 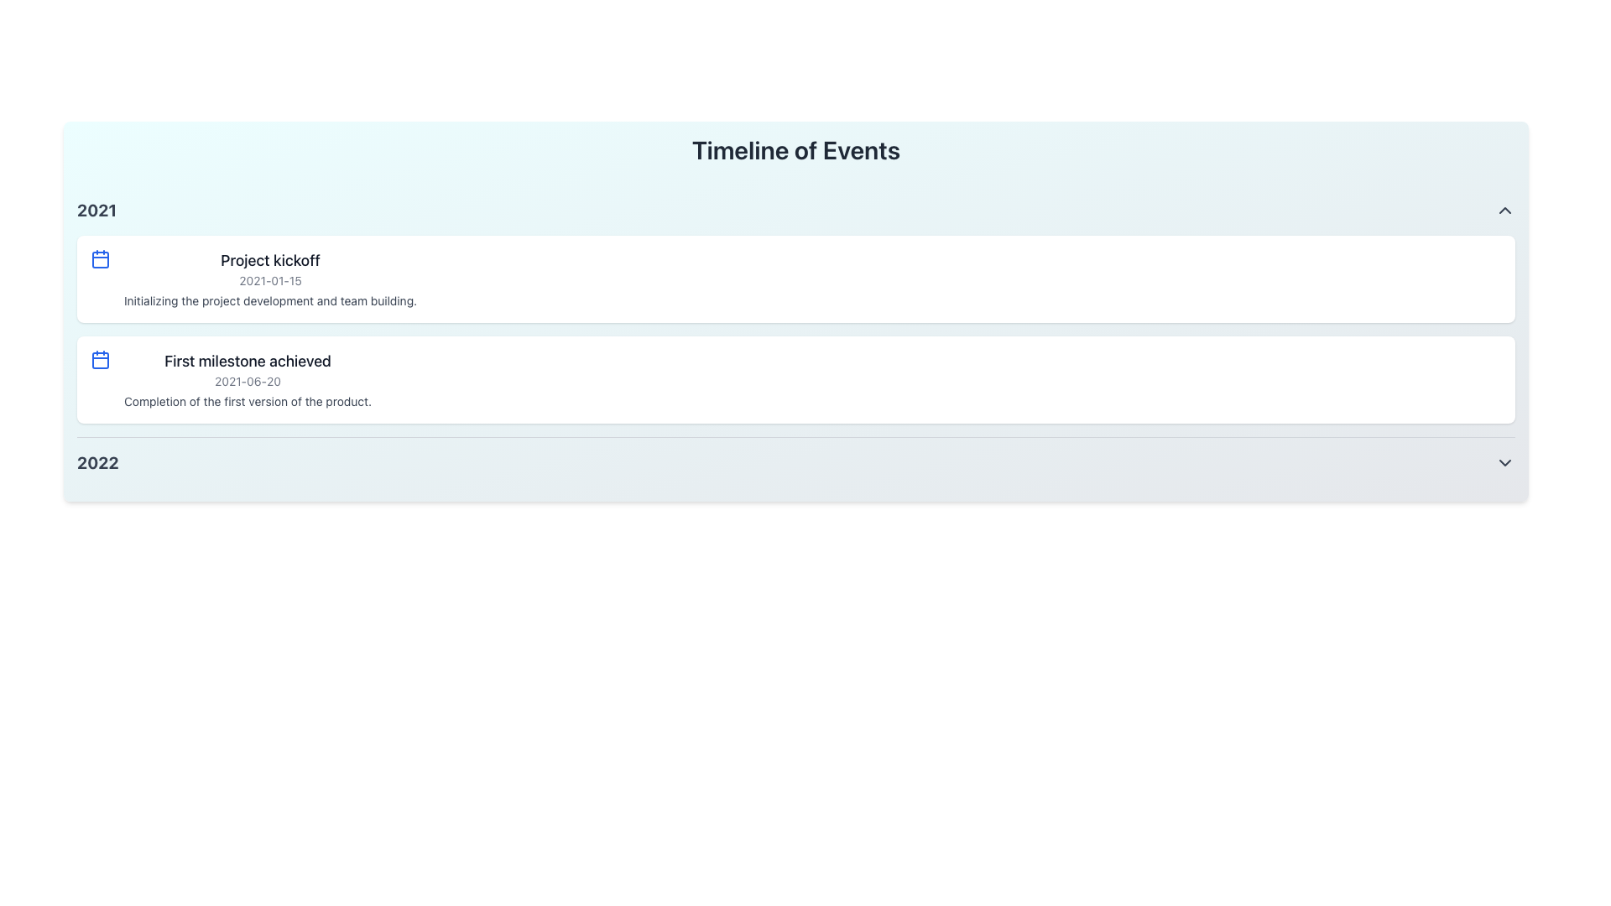 What do you see at coordinates (247, 361) in the screenshot?
I see `text content of the milestone title located in the second milestone entry of the 'Timeline of Events' section` at bounding box center [247, 361].